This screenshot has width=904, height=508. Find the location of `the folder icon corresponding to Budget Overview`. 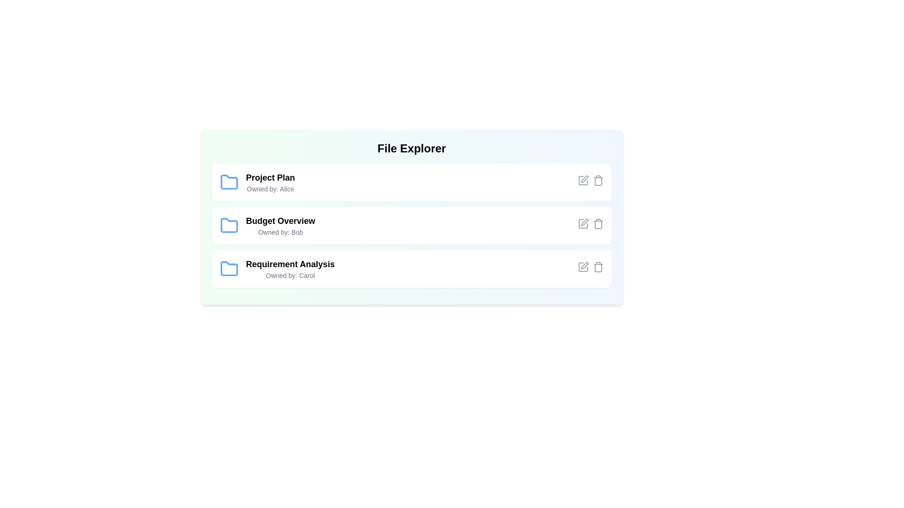

the folder icon corresponding to Budget Overview is located at coordinates (229, 225).